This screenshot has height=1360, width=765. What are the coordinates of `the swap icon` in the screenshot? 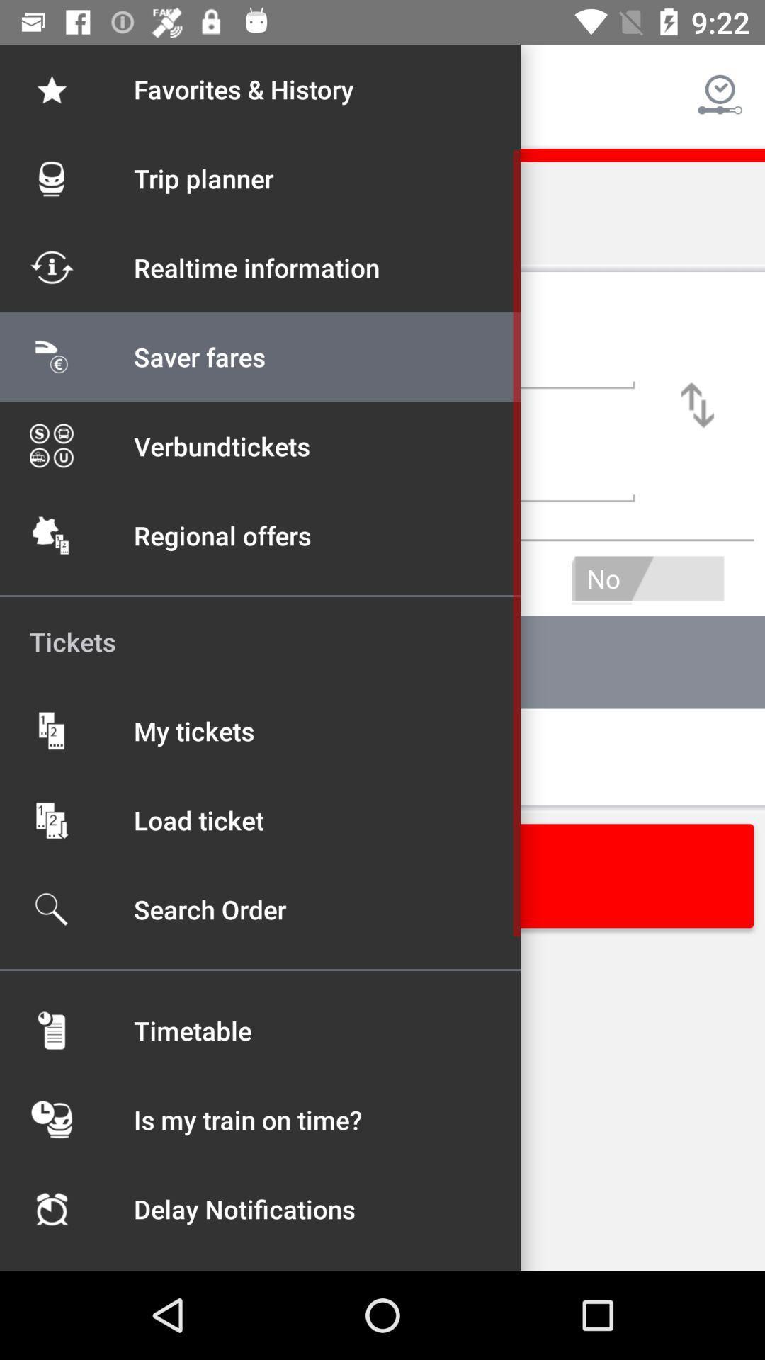 It's located at (697, 404).